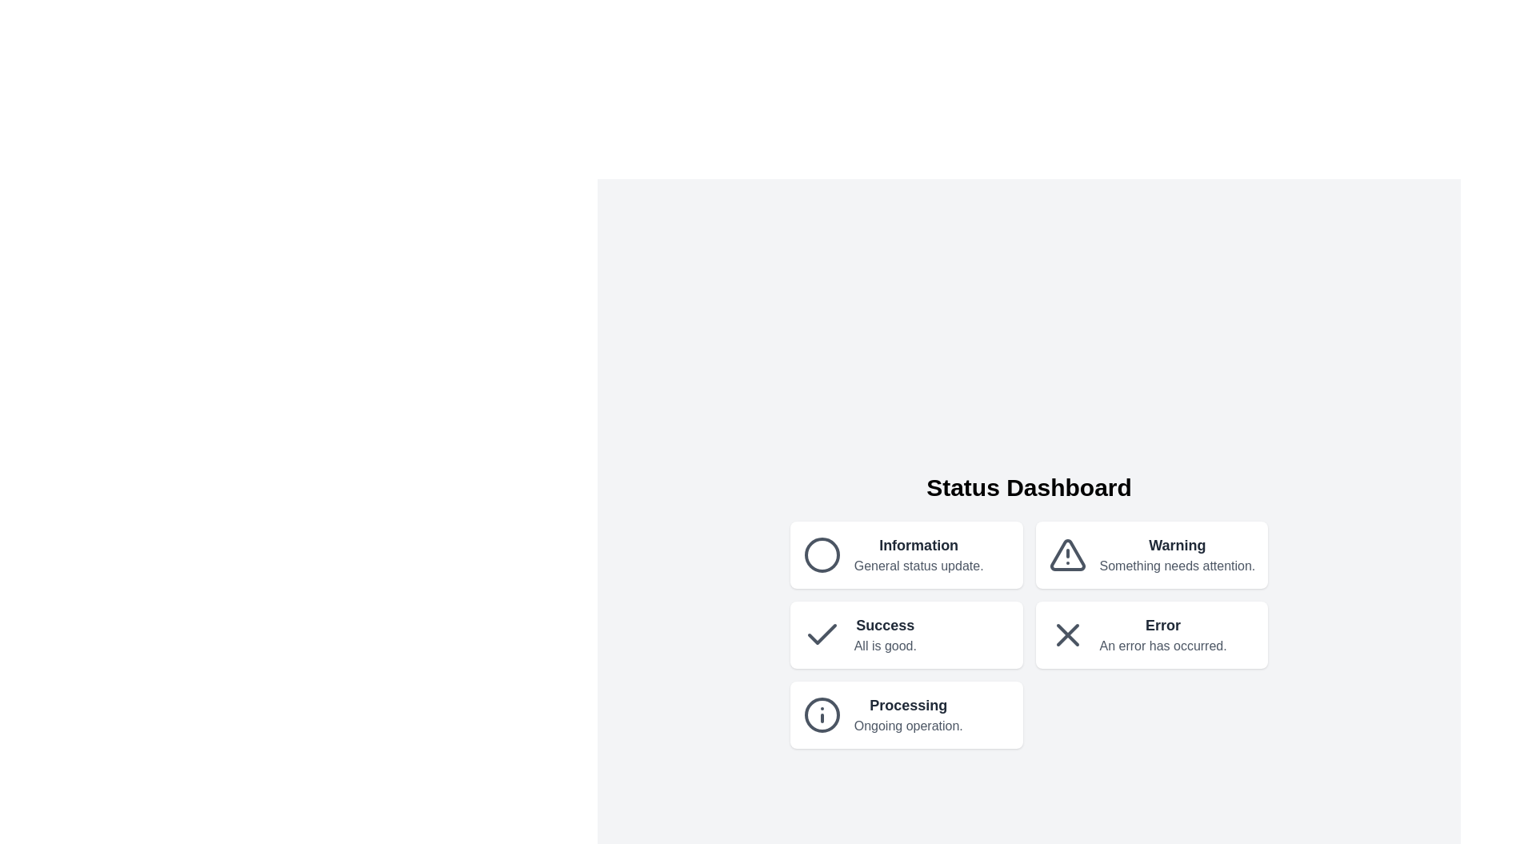 The width and height of the screenshot is (1536, 864). What do you see at coordinates (1163, 634) in the screenshot?
I see `the Text label that displays bold, black 'Error' and regular, grey 'An error has occurred.' located at the bottom right of the interface within a card layout` at bounding box center [1163, 634].